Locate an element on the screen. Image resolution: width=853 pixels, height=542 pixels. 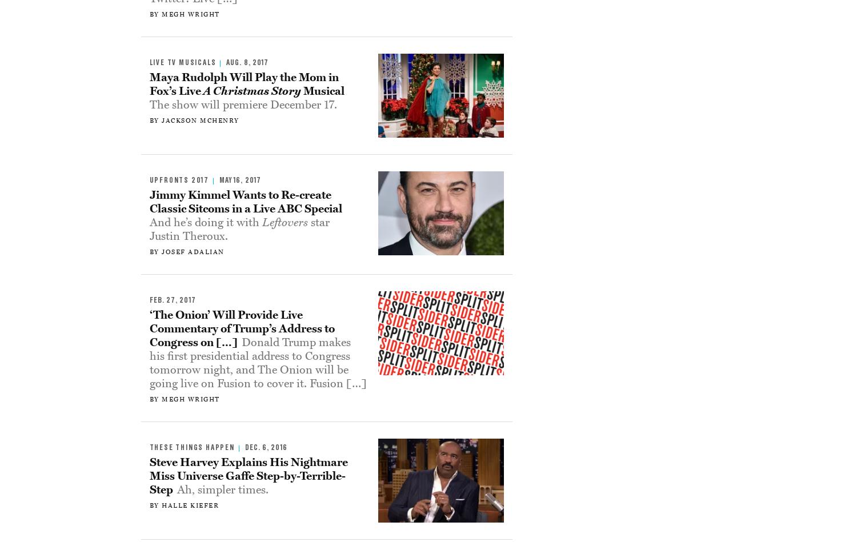
'Donald Trump makes his first presidential address to Congress tomorrow night, and The Onion will be going live on Fusion to cover it. Fusion […]' is located at coordinates (258, 362).